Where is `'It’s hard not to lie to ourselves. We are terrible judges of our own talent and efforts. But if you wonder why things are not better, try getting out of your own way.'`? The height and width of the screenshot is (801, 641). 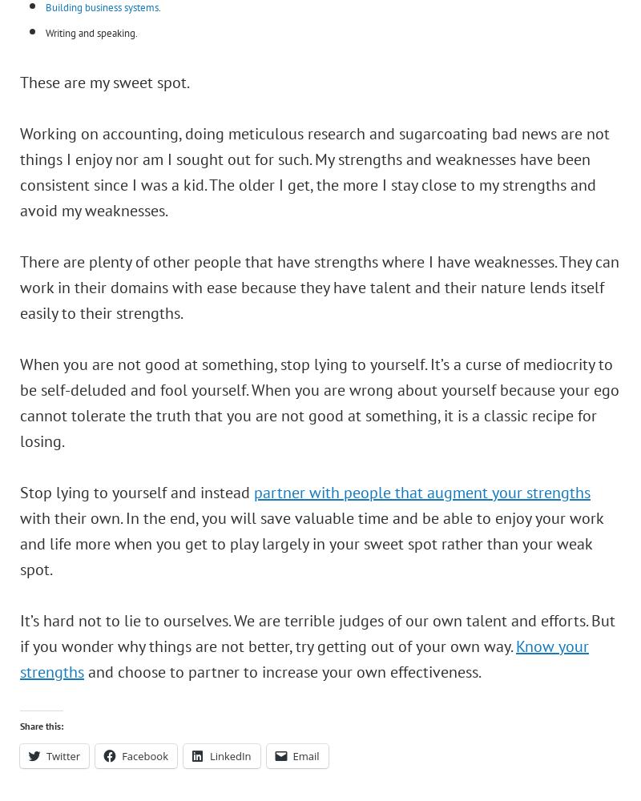
'It’s hard not to lie to ourselves. We are terrible judges of our own talent and efforts. But if you wonder why things are not better, try getting out of your own way.' is located at coordinates (316, 633).